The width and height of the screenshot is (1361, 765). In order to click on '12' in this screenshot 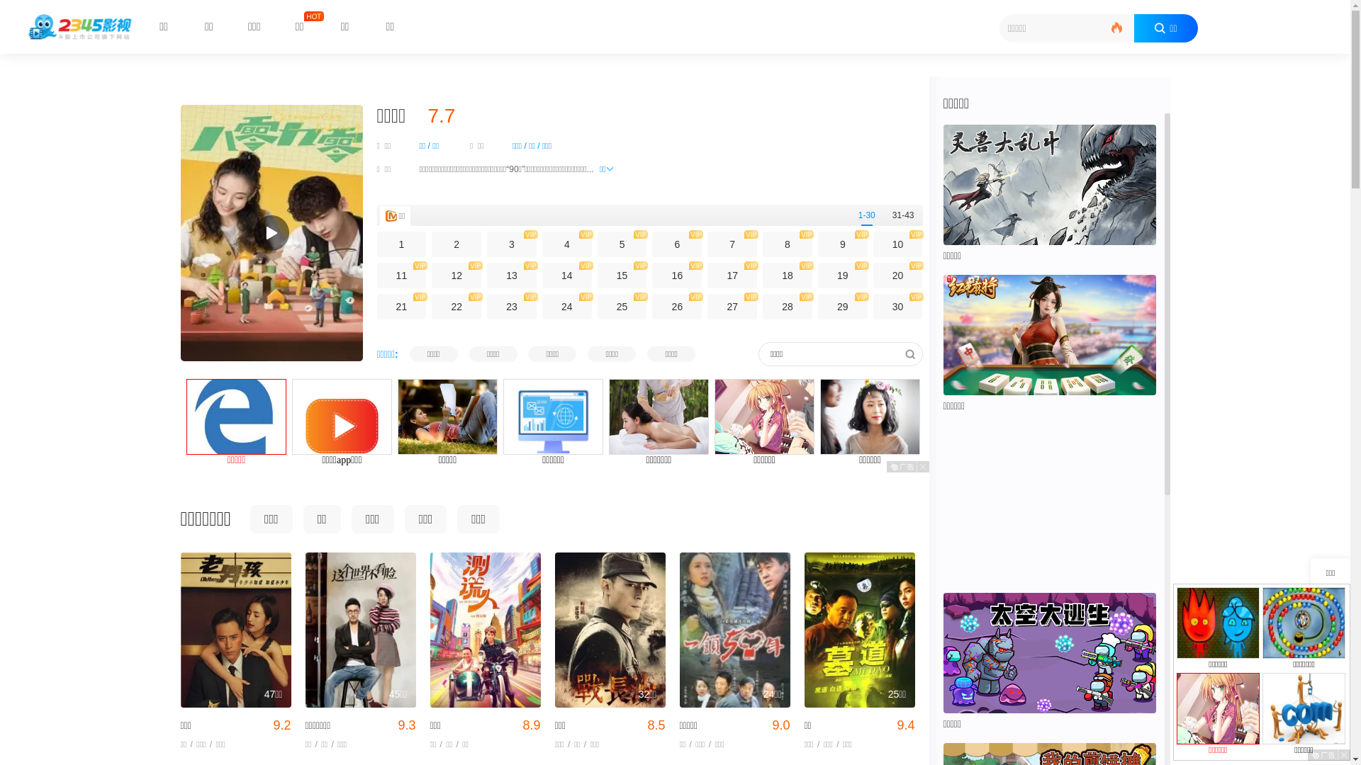, I will do `click(456, 276)`.